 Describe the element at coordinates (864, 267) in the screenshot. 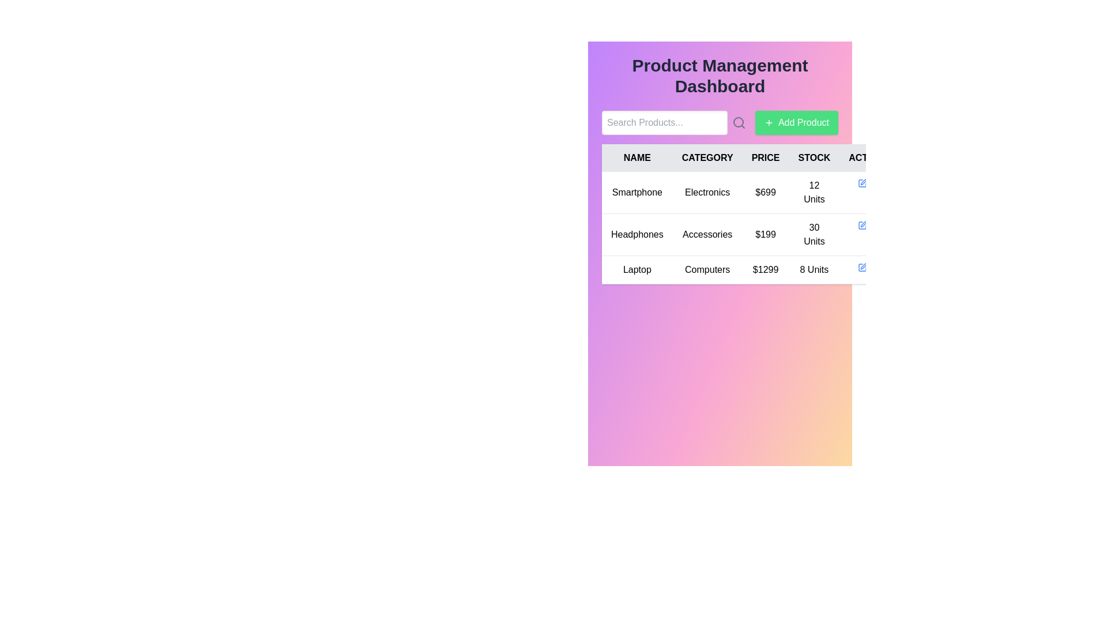

I see `the small icon-shaped SVG graphic representing a delete or remove action, located in the action column of the last row in the data table` at that location.